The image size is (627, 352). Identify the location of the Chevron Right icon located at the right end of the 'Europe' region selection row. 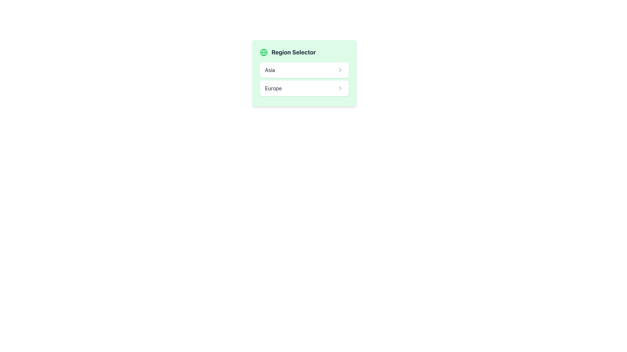
(340, 88).